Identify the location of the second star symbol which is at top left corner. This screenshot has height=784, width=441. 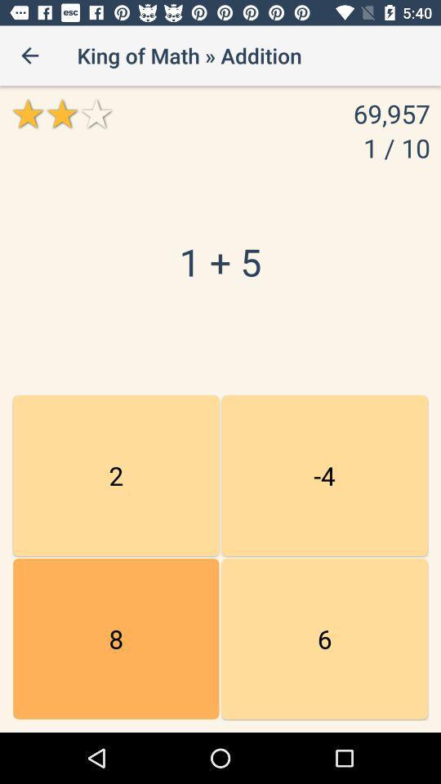
(60, 113).